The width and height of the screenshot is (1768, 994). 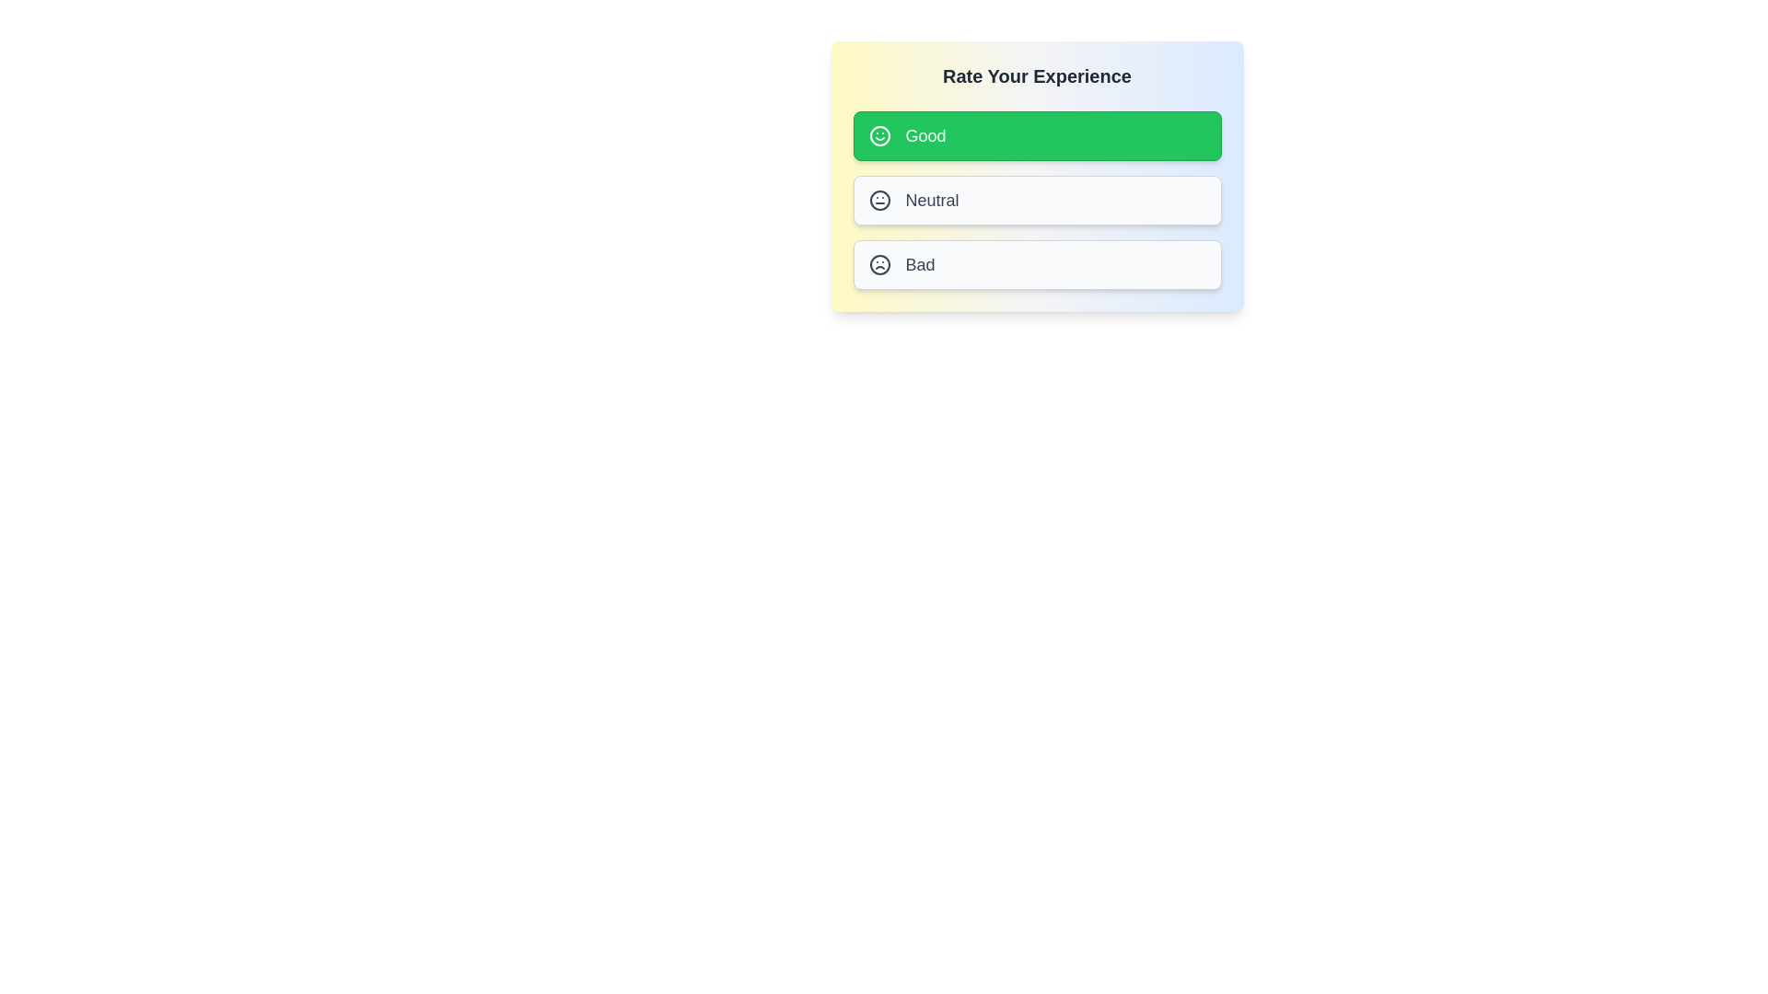 I want to click on the rating option labeled Good by clicking on it, so click(x=1037, y=134).